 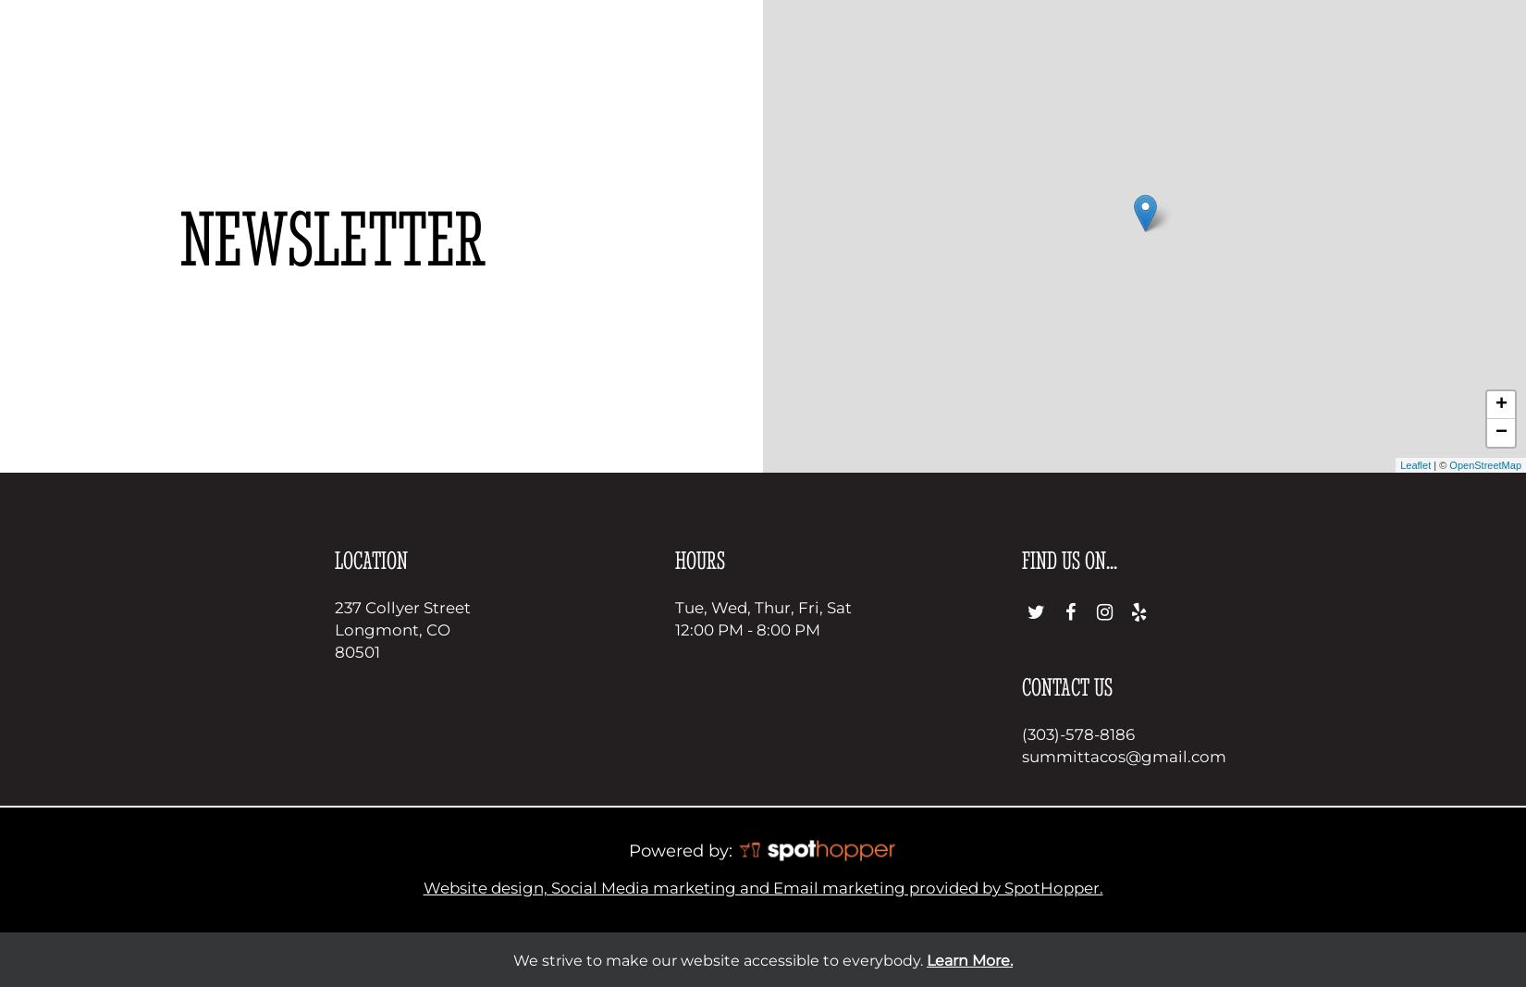 I want to click on 'Hours', so click(x=698, y=560).